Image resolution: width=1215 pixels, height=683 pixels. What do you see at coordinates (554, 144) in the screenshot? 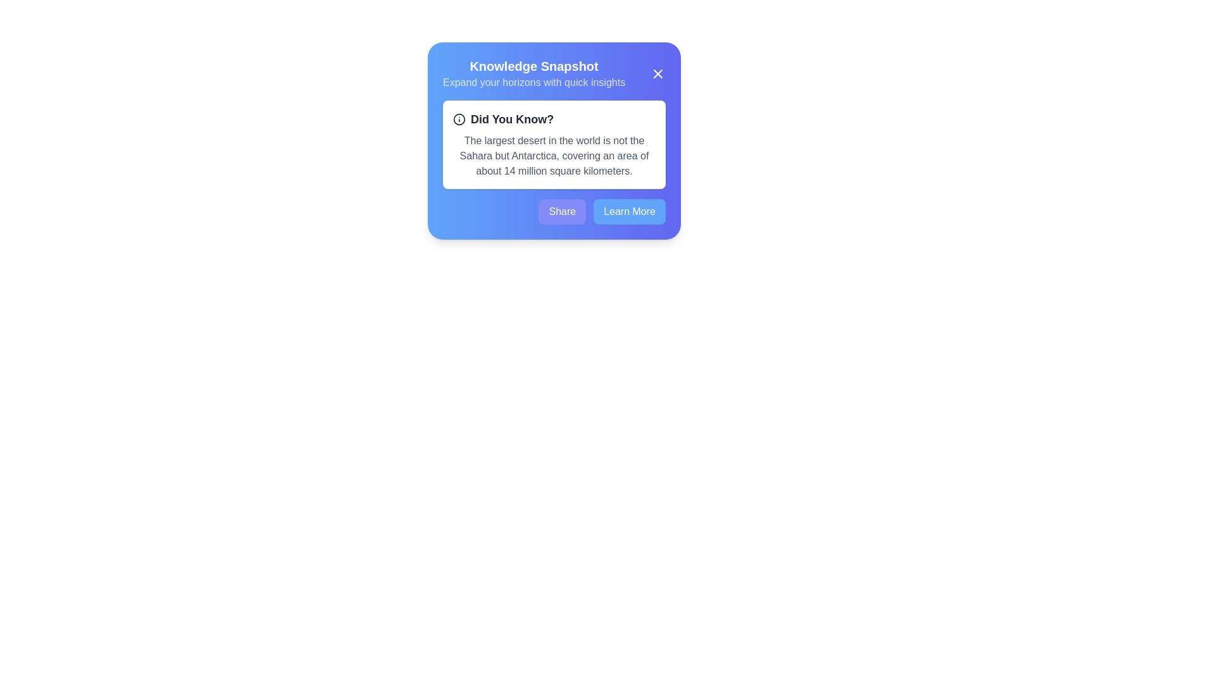
I see `information displayed in the light-colored rectangular Informational card with rounded corners that contains the text 'Did You Know?' and a fact about Antarctica` at bounding box center [554, 144].